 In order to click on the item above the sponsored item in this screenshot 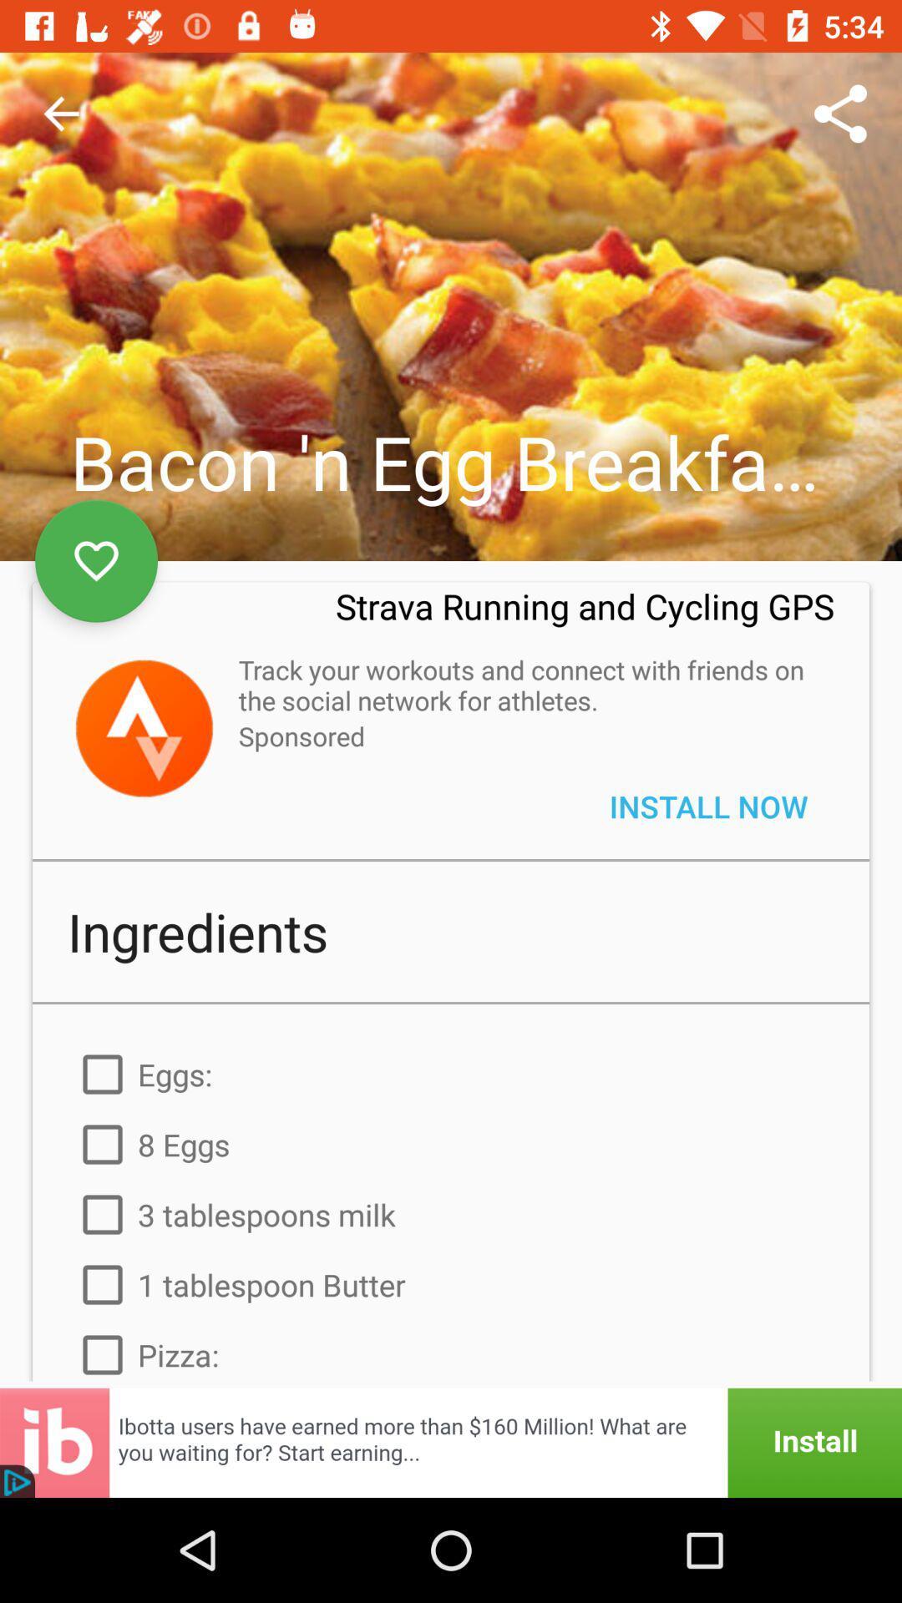, I will do `click(527, 685)`.